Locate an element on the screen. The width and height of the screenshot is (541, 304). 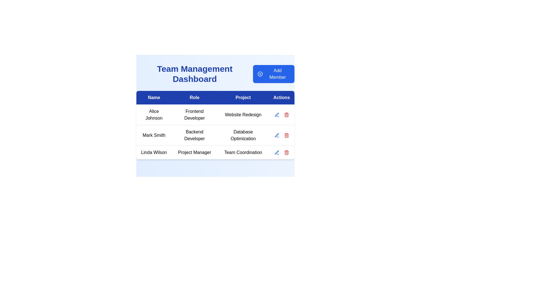
the text label displaying 'Linda Wilson' located in the first cell of the third row under the 'Name' column of the table is located at coordinates (154, 152).